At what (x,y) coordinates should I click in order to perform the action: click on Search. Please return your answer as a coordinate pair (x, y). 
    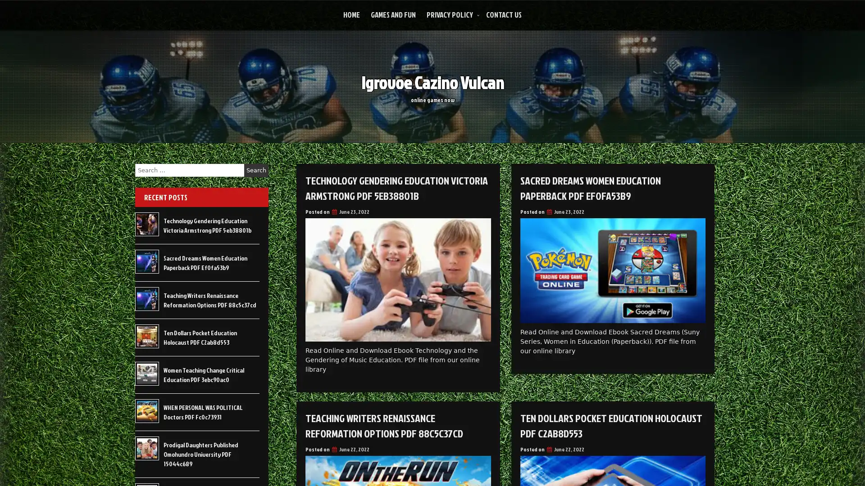
    Looking at the image, I should click on (256, 170).